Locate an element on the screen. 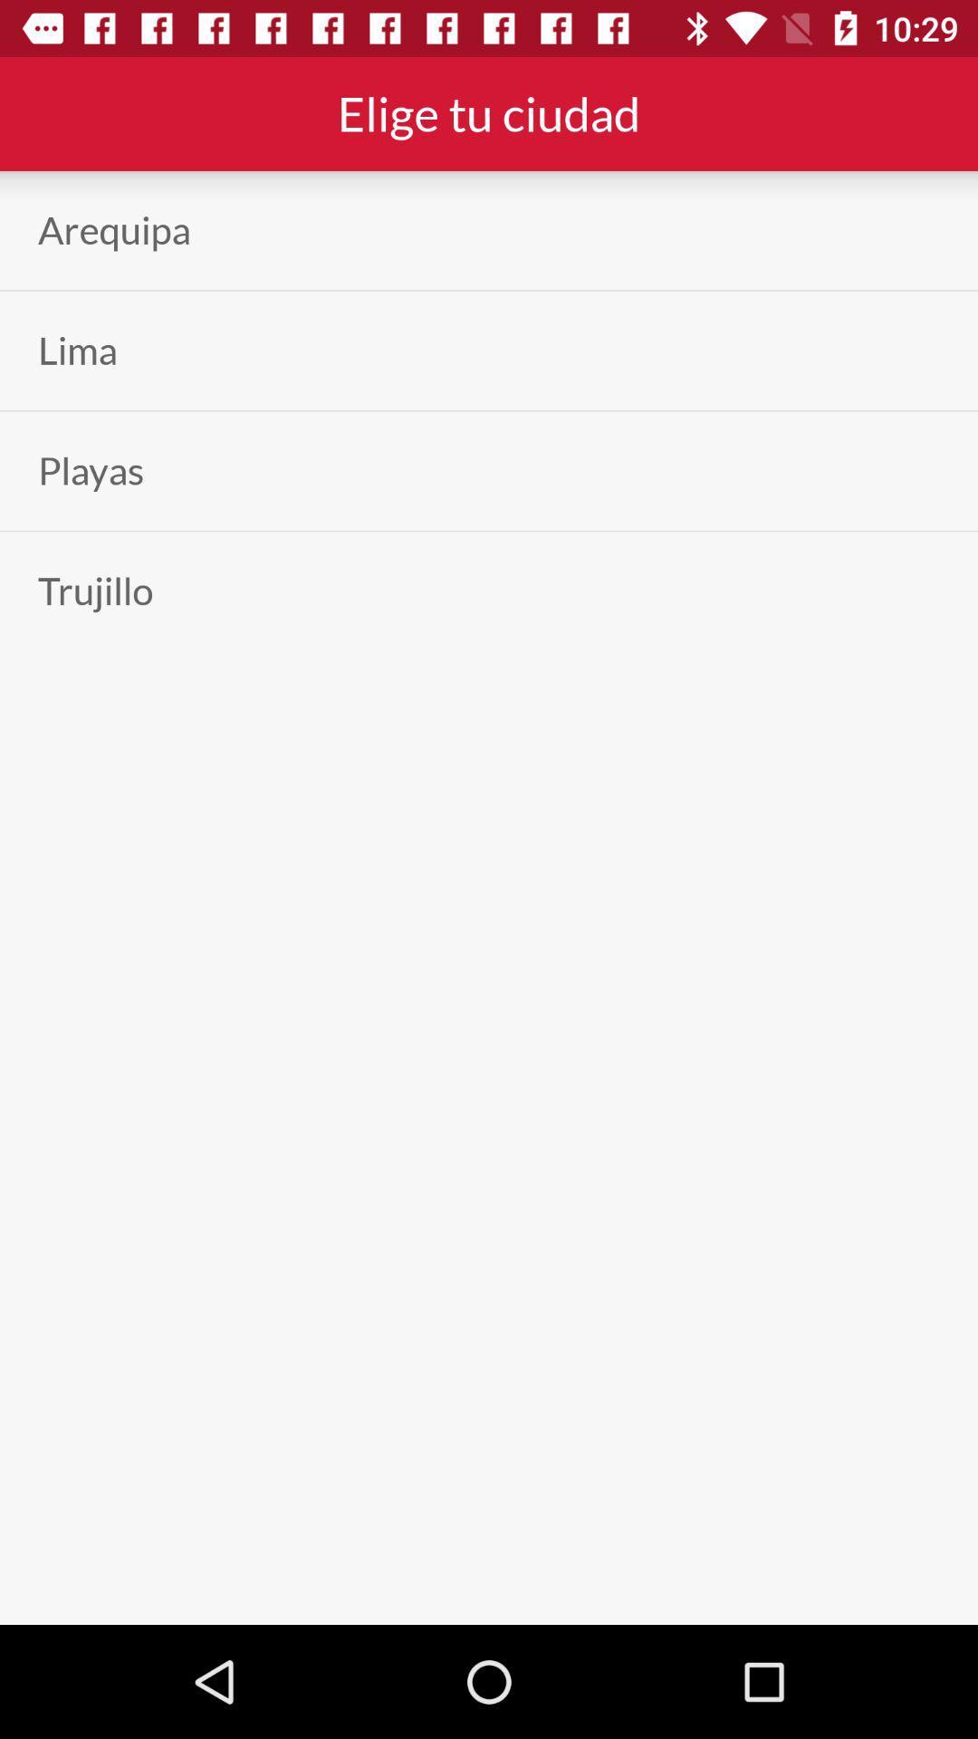 Image resolution: width=978 pixels, height=1739 pixels. playas icon is located at coordinates (91, 471).